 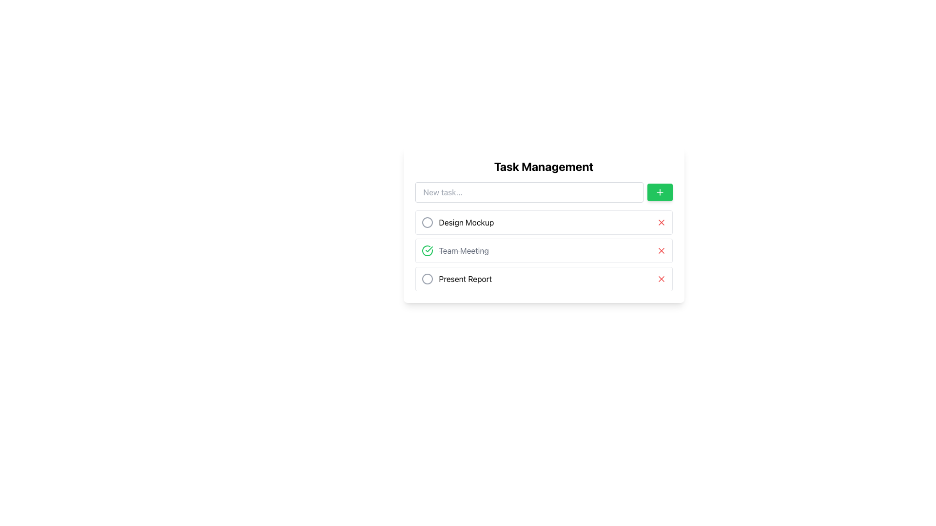 What do you see at coordinates (660, 192) in the screenshot?
I see `the rectangular green button with rounded corners and a white plus icon located to the right of the text input field to observe style changes` at bounding box center [660, 192].